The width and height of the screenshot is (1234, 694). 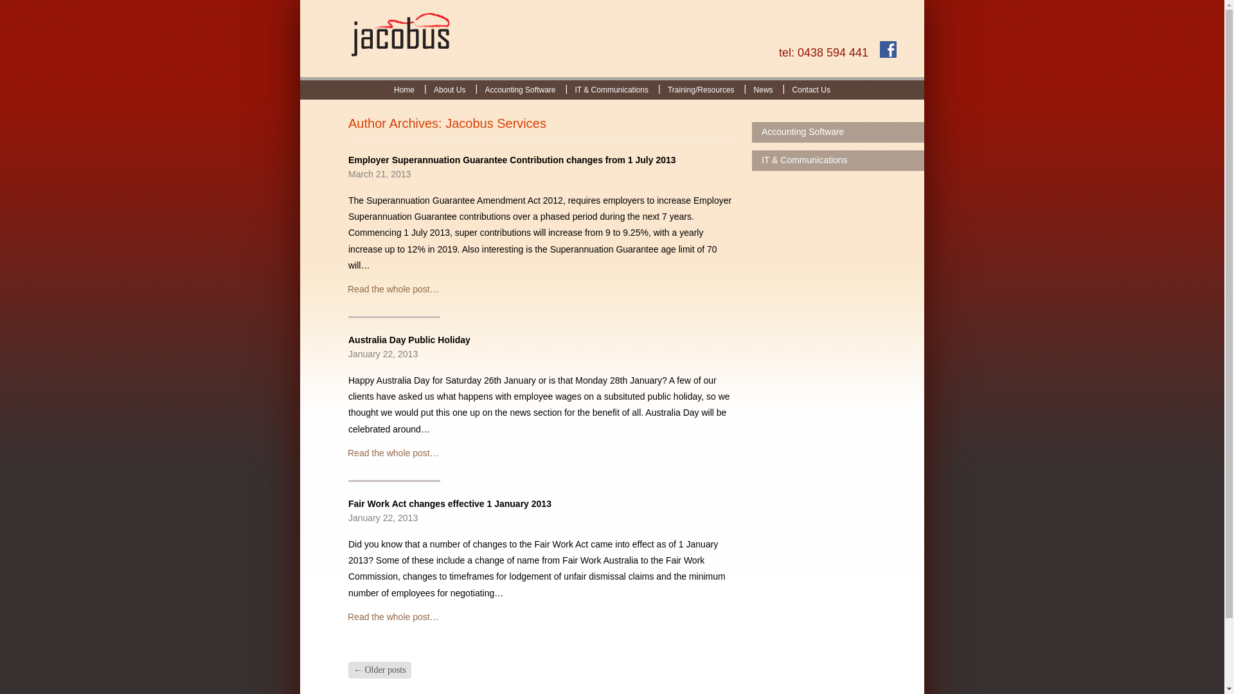 What do you see at coordinates (449, 89) in the screenshot?
I see `'About Us'` at bounding box center [449, 89].